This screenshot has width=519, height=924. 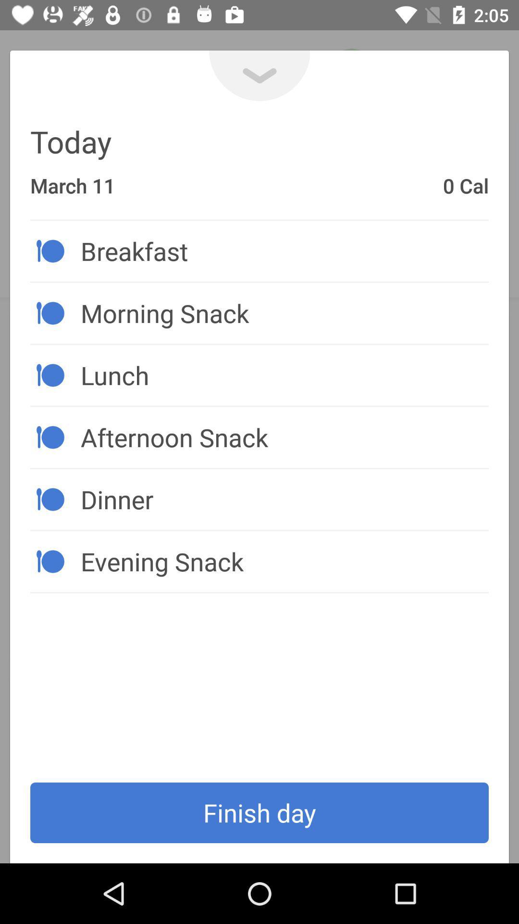 What do you see at coordinates (284, 561) in the screenshot?
I see `the icon above the finish day icon` at bounding box center [284, 561].